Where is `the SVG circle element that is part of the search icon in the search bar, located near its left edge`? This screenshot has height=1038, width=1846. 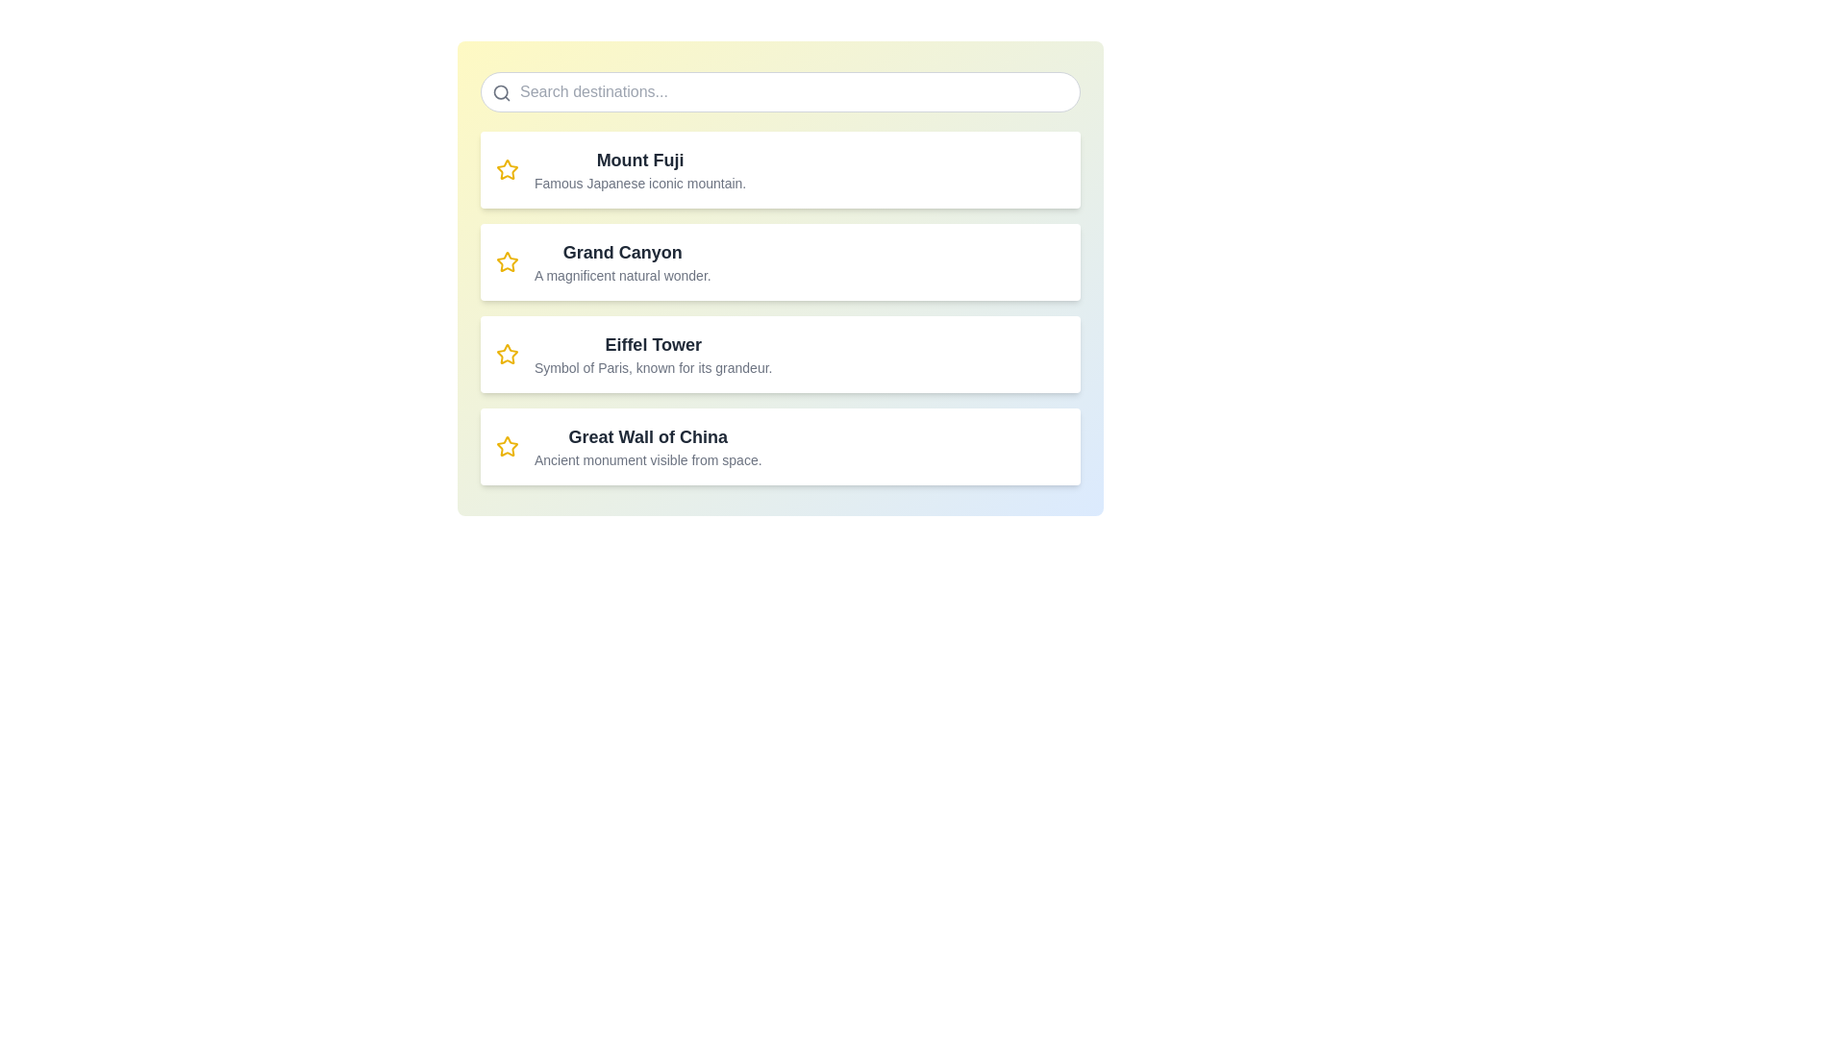 the SVG circle element that is part of the search icon in the search bar, located near its left edge is located at coordinates (501, 92).